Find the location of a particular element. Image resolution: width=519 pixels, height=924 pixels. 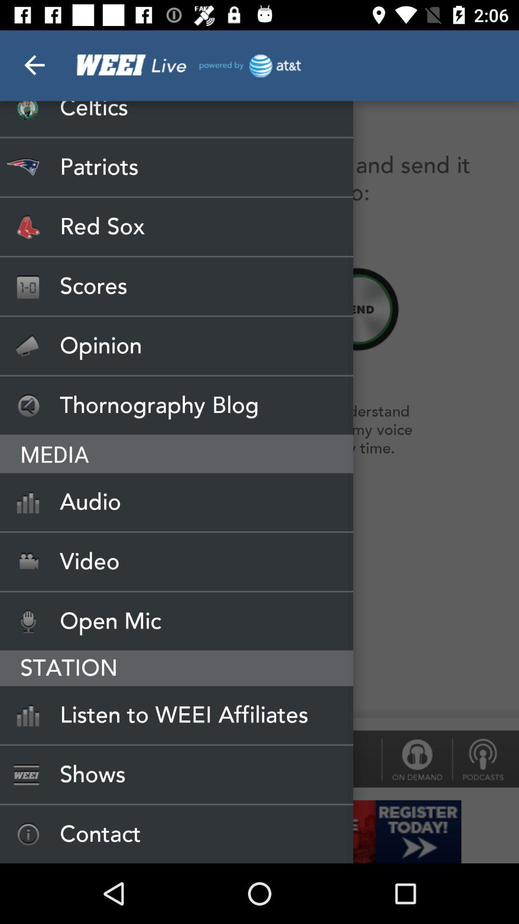

the lock icon is located at coordinates (416, 758).